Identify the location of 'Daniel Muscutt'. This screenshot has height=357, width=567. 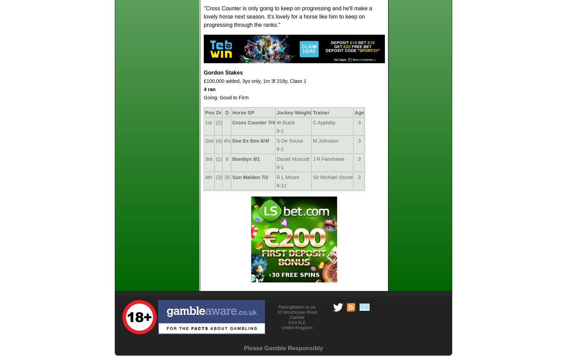
(276, 158).